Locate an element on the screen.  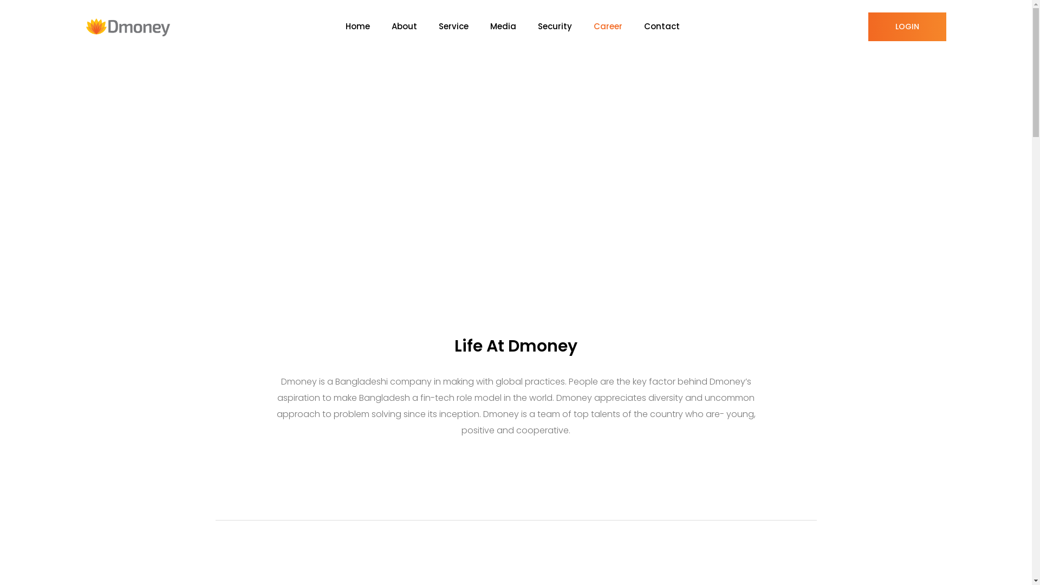
'Home' is located at coordinates (368, 26).